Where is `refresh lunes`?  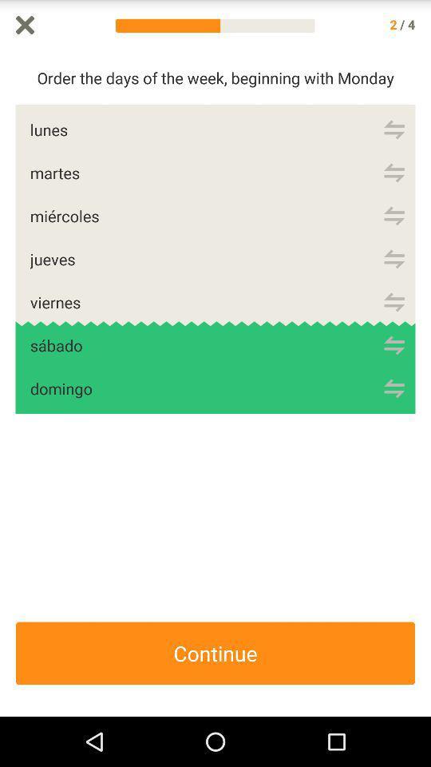
refresh lunes is located at coordinates (393, 129).